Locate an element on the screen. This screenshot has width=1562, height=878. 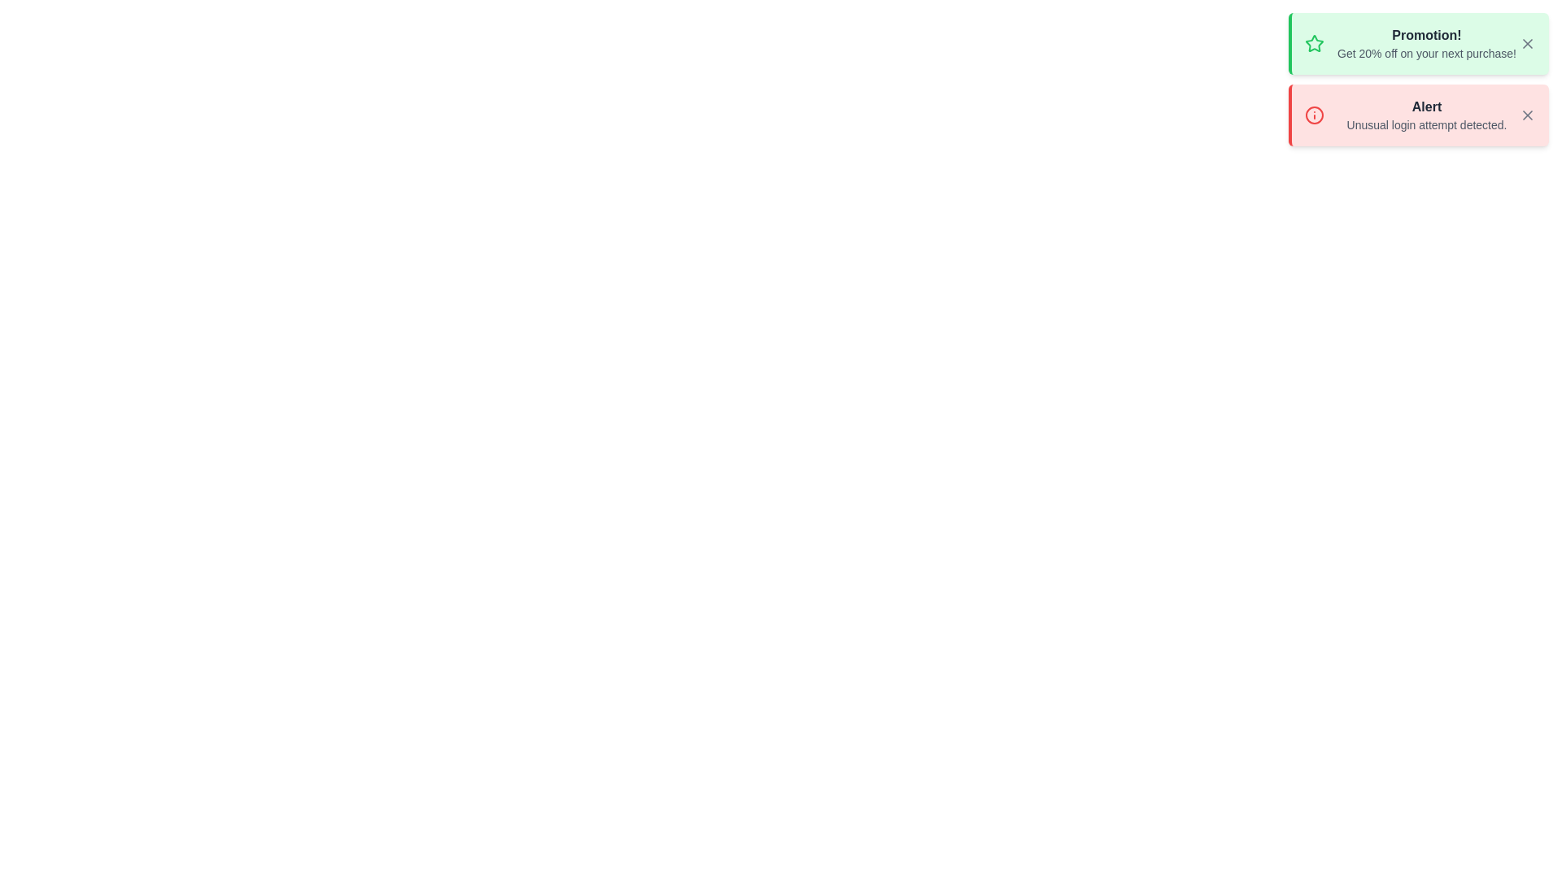
text from the textual element that informs about an unusual login attempt, located below the green notification labeled 'Promotion!' in the top-right region of the interface is located at coordinates (1425, 115).